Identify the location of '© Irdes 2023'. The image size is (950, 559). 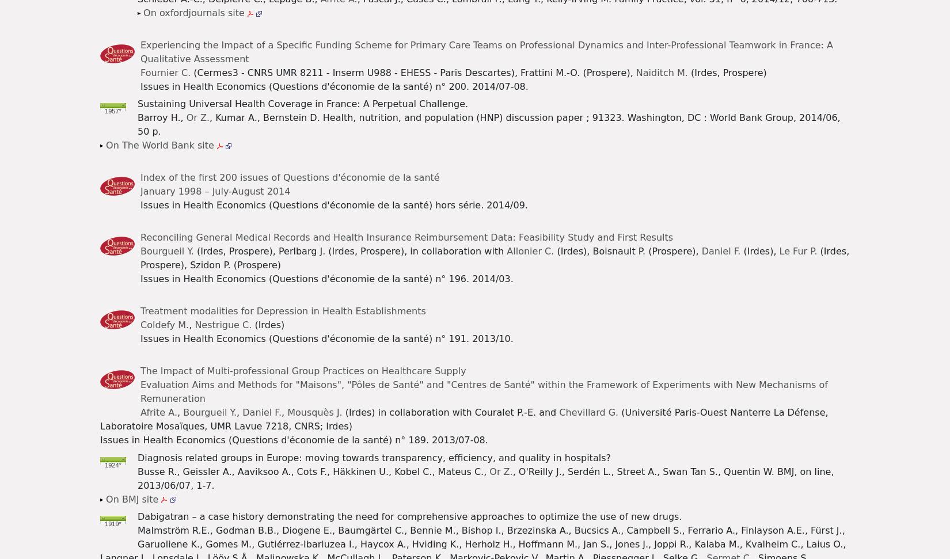
(126, 67).